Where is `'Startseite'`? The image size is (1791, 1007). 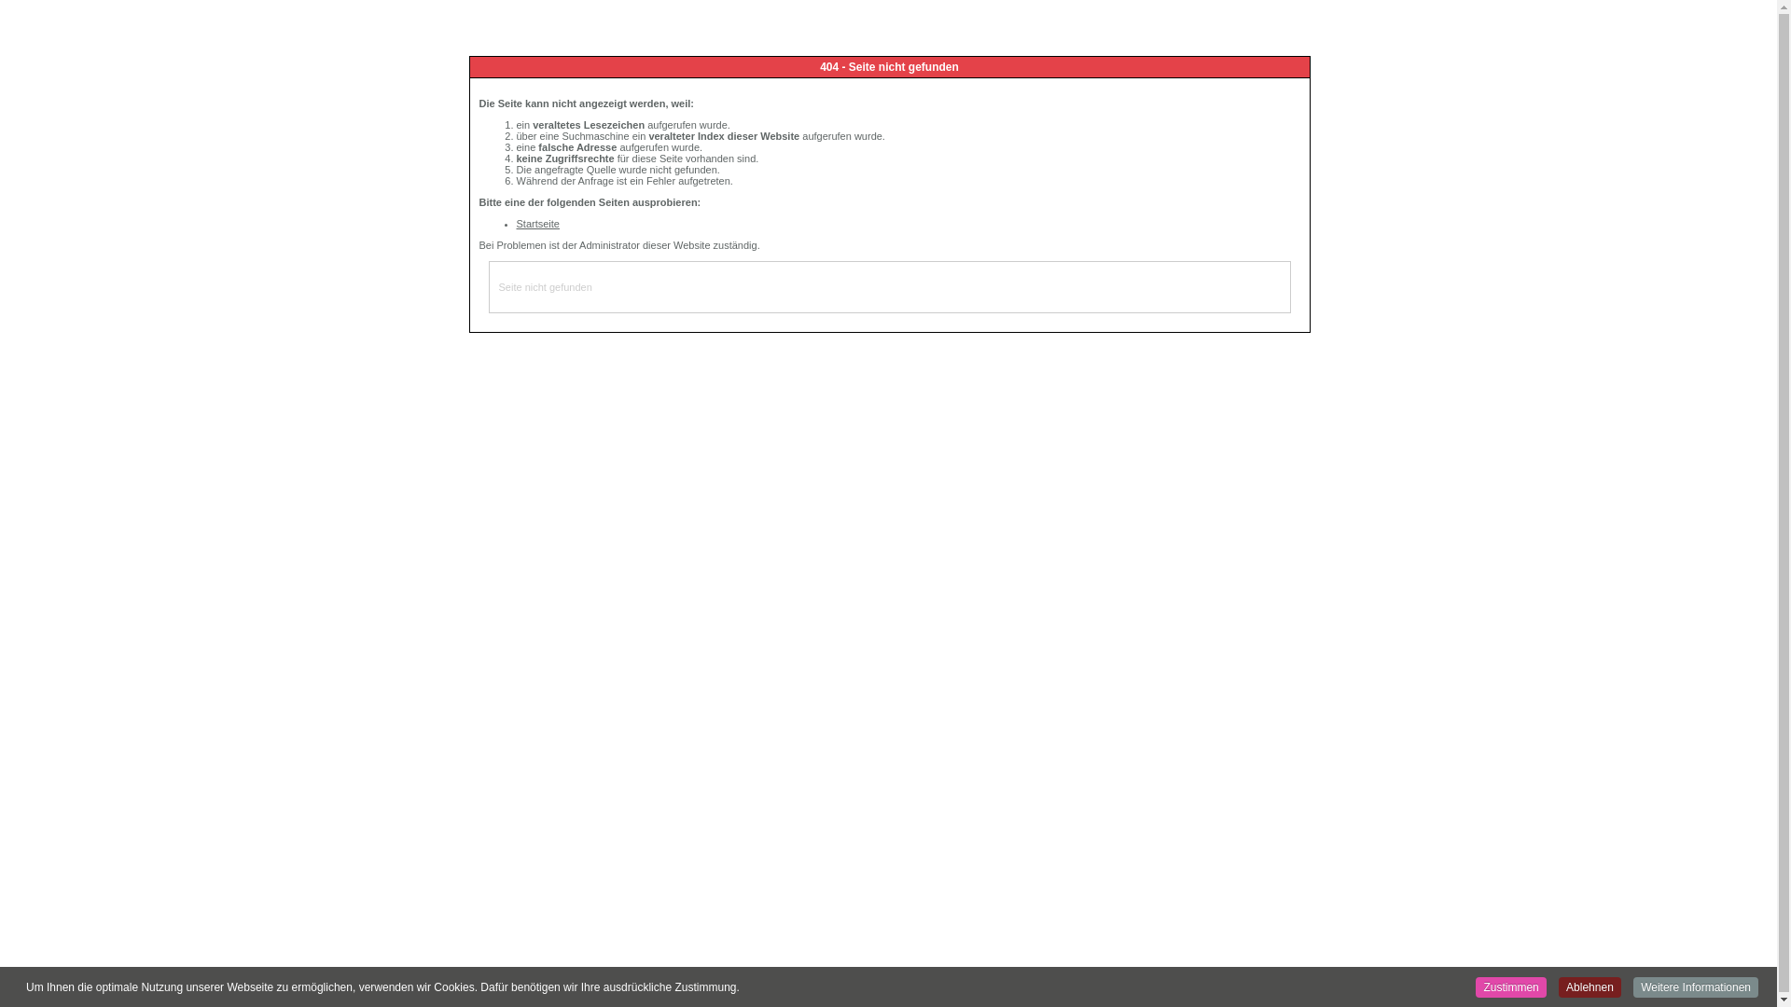 'Startseite' is located at coordinates (536, 222).